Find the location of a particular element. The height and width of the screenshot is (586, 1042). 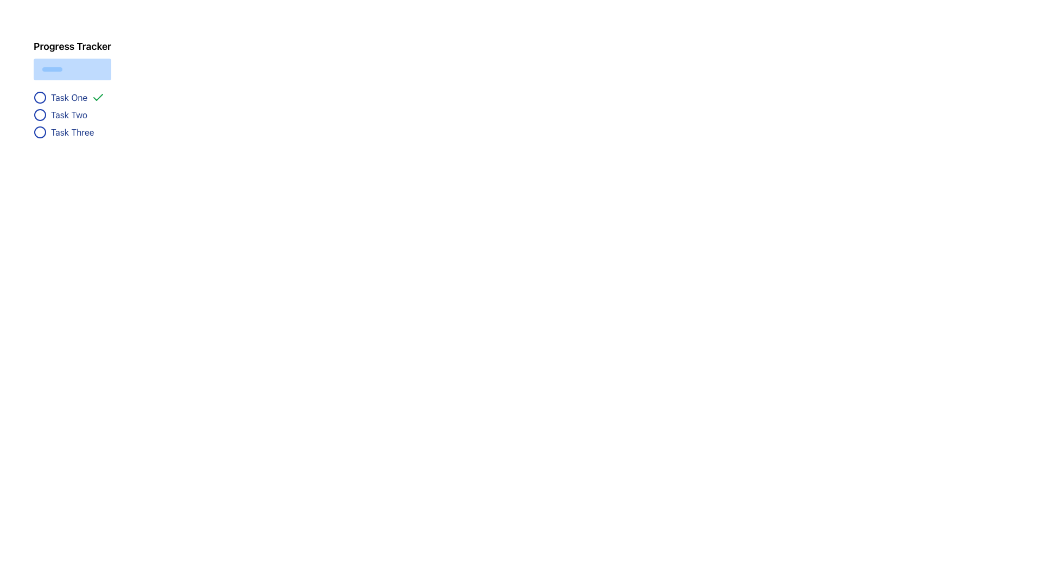

the green checkmark icon representing successful task completion located next to the text 'Task One' is located at coordinates (98, 98).